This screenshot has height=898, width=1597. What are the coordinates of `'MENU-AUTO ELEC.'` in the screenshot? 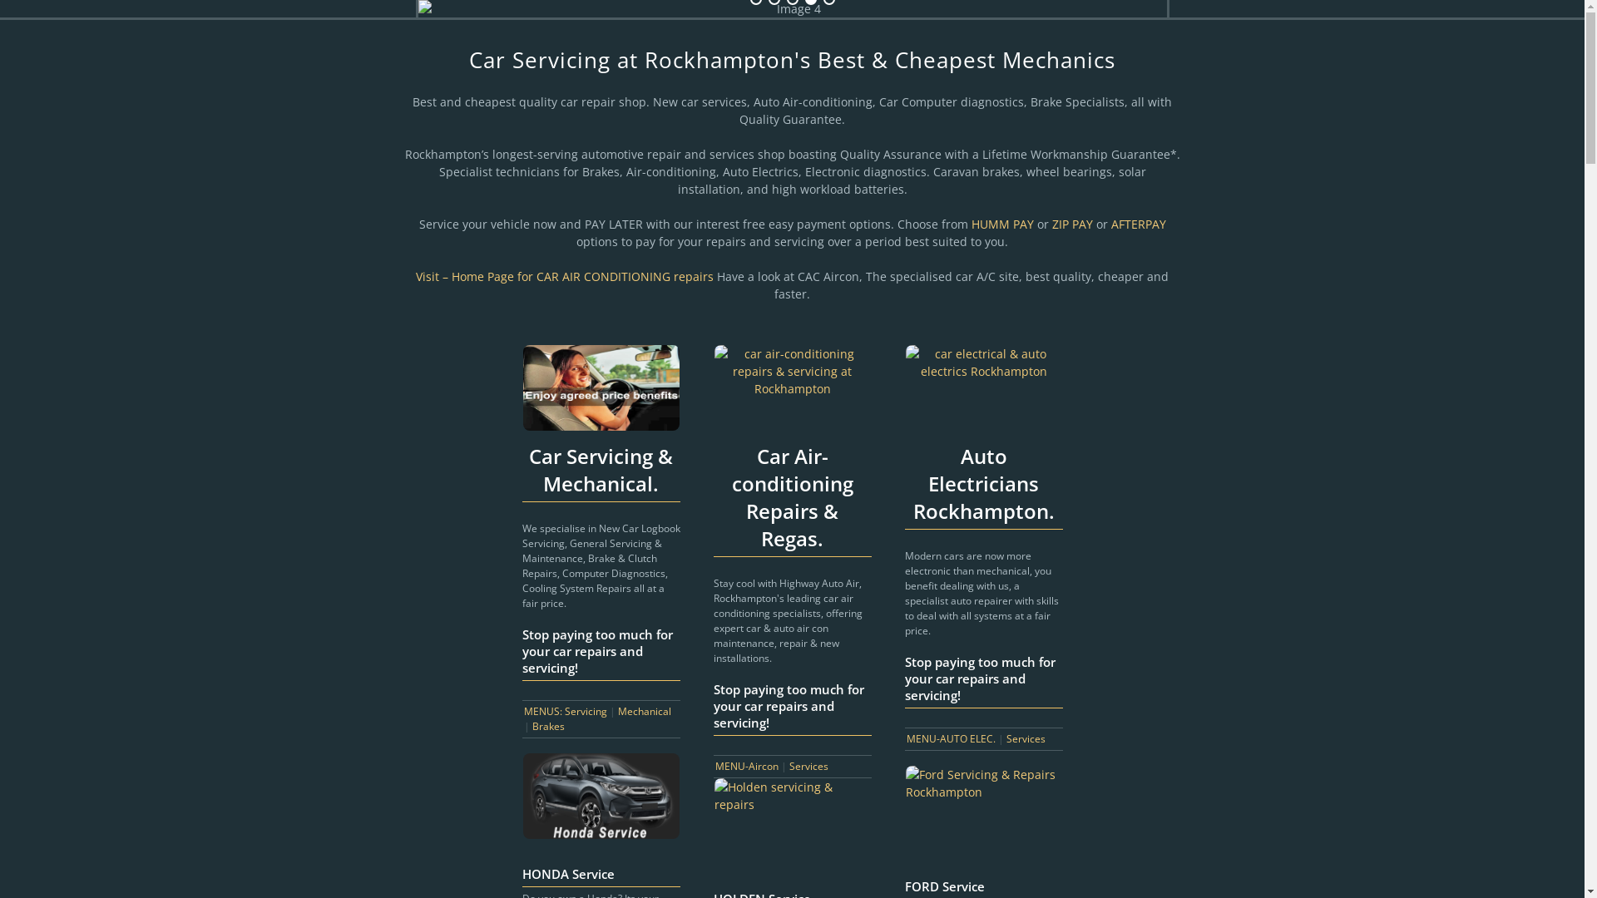 It's located at (951, 738).